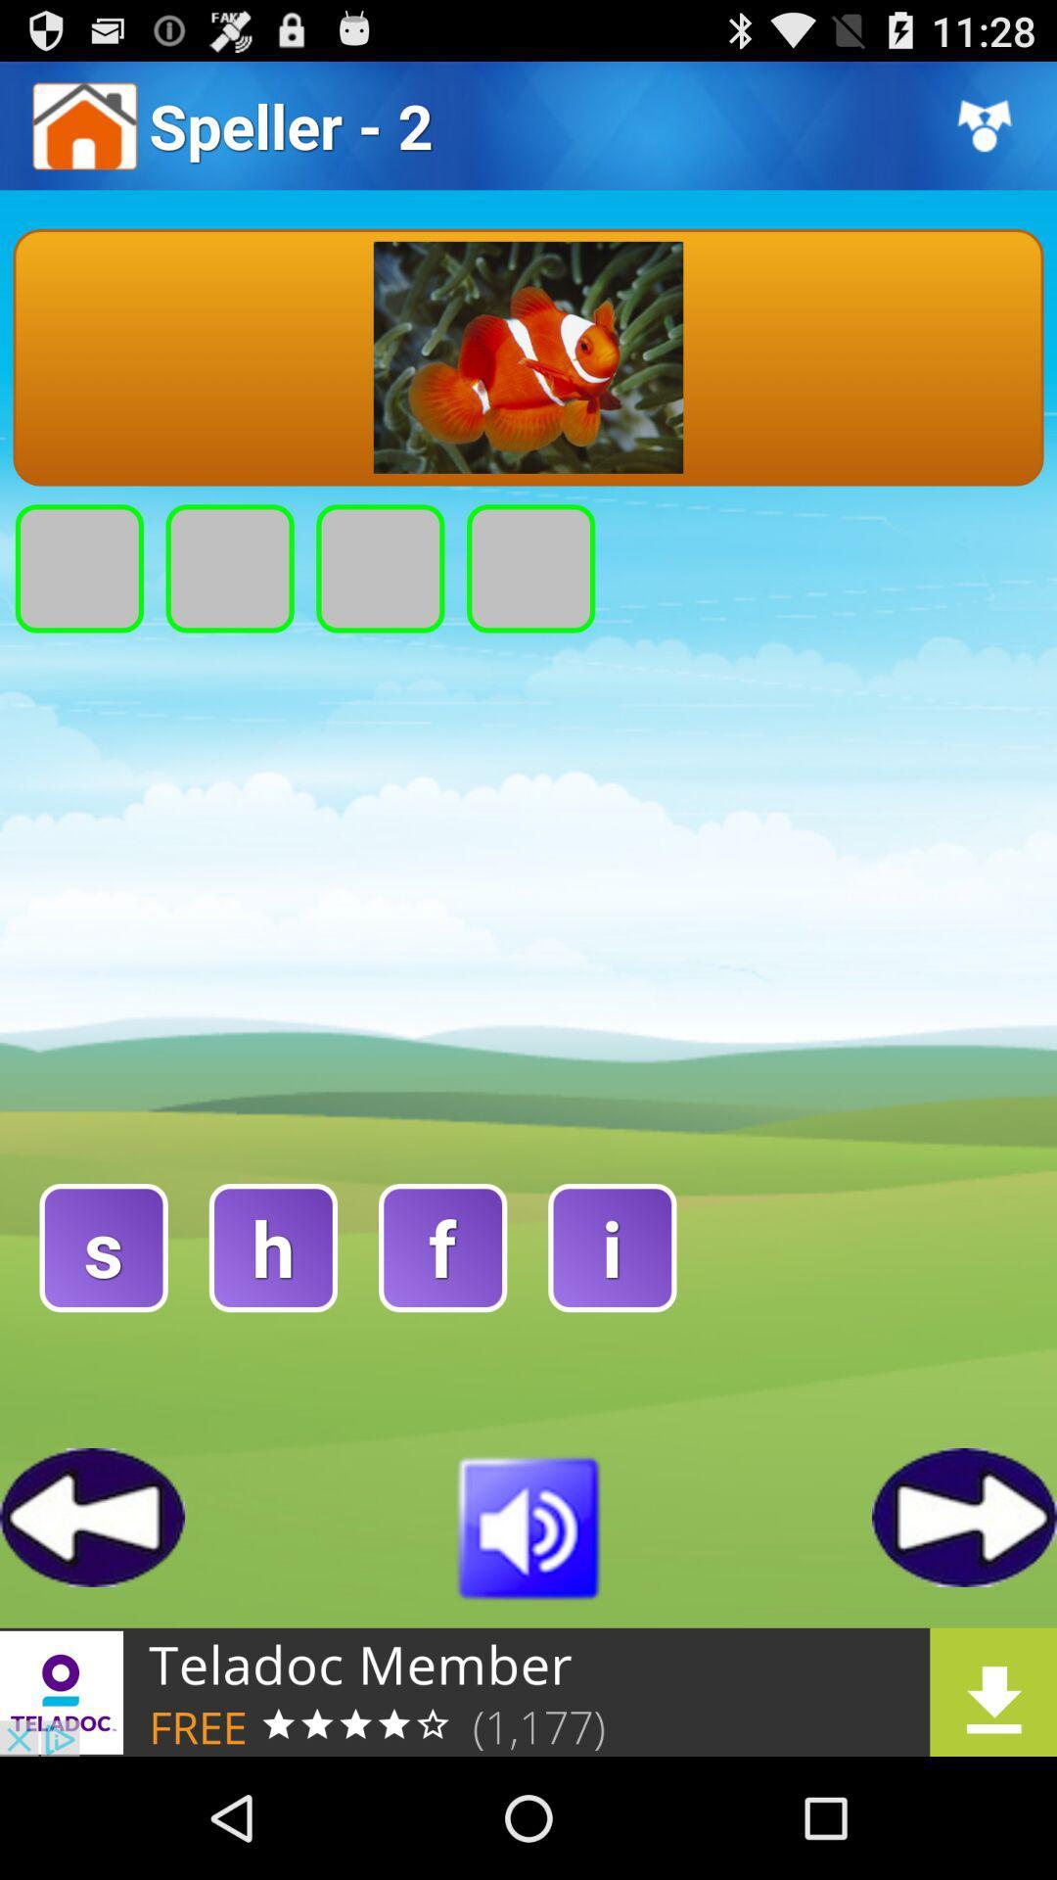 This screenshot has width=1057, height=1880. What do you see at coordinates (528, 1524) in the screenshot?
I see `switch sound option` at bounding box center [528, 1524].